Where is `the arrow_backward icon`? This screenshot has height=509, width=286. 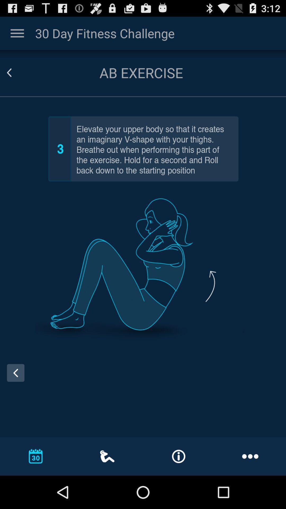
the arrow_backward icon is located at coordinates (14, 404).